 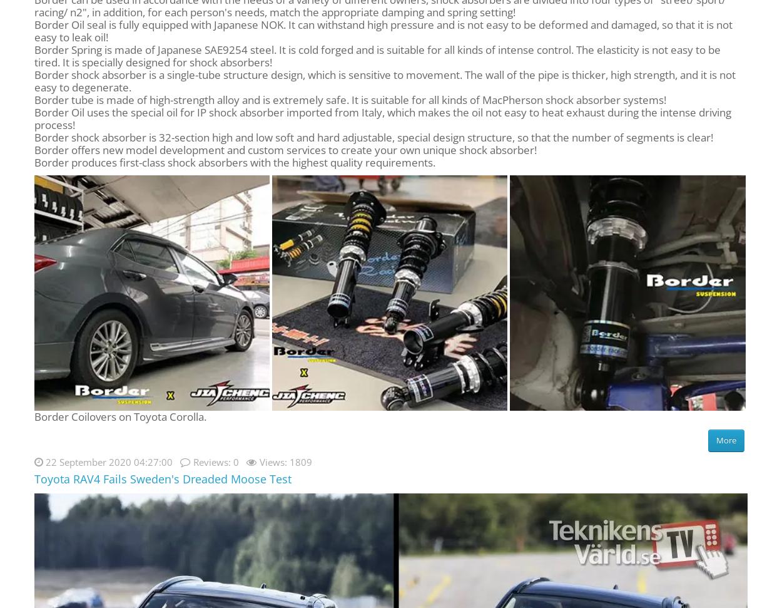 What do you see at coordinates (34, 80) in the screenshot?
I see `'Border shock absorber is a single-tube structure design, which is sensitive to movement. The wall of the pipe is thicker, high strength, and it is not easy to degenerate.'` at bounding box center [34, 80].